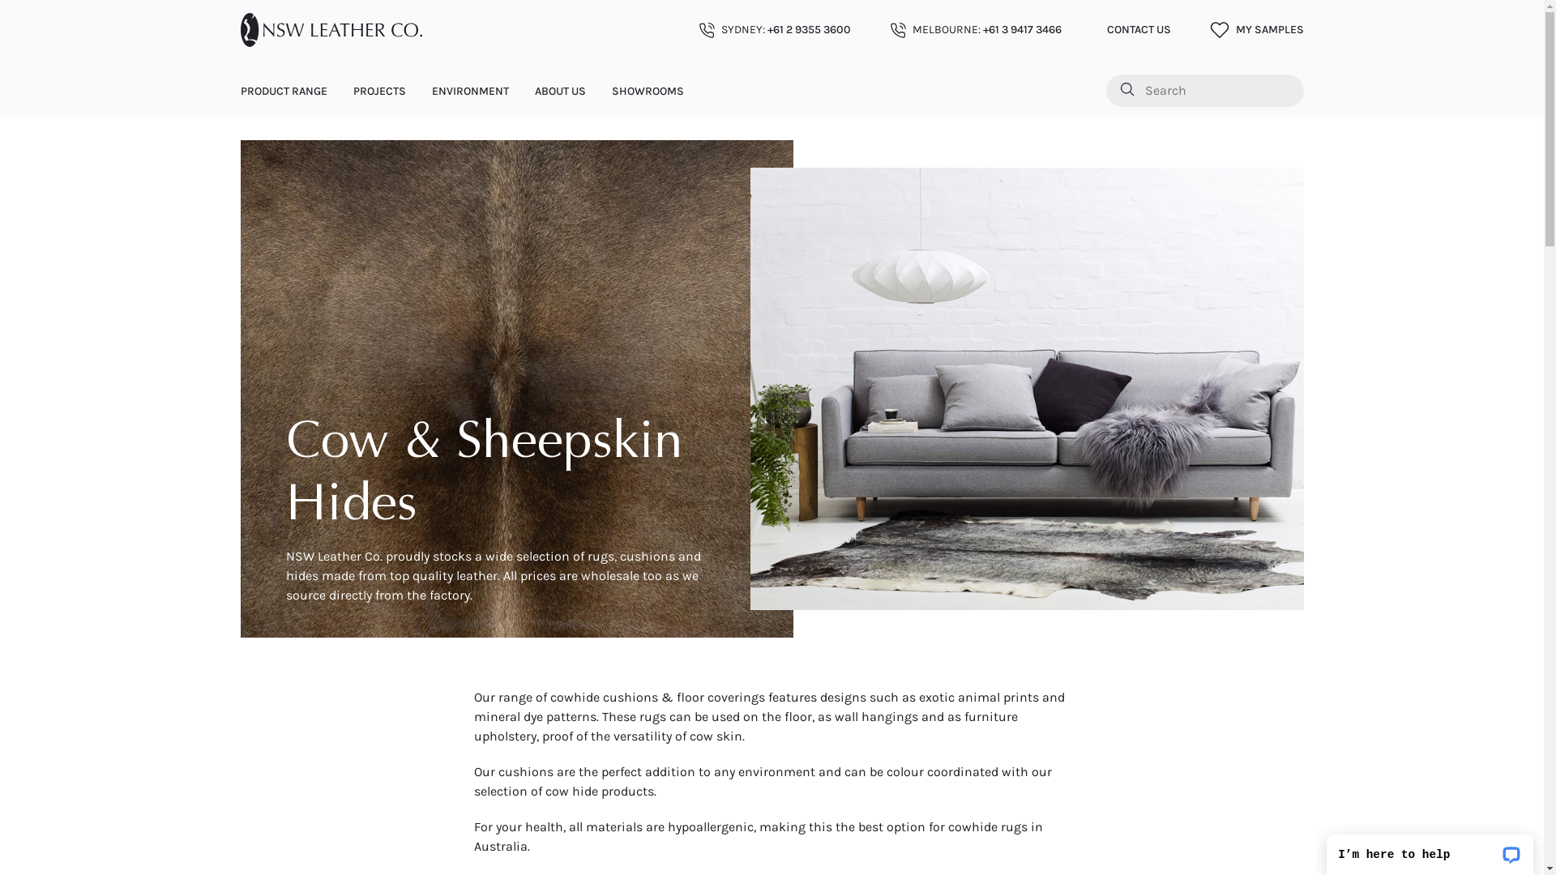 The height and width of the screenshot is (875, 1556). Describe the element at coordinates (773, 29) in the screenshot. I see `'SYDNEY: +61 2 9355 3600'` at that location.